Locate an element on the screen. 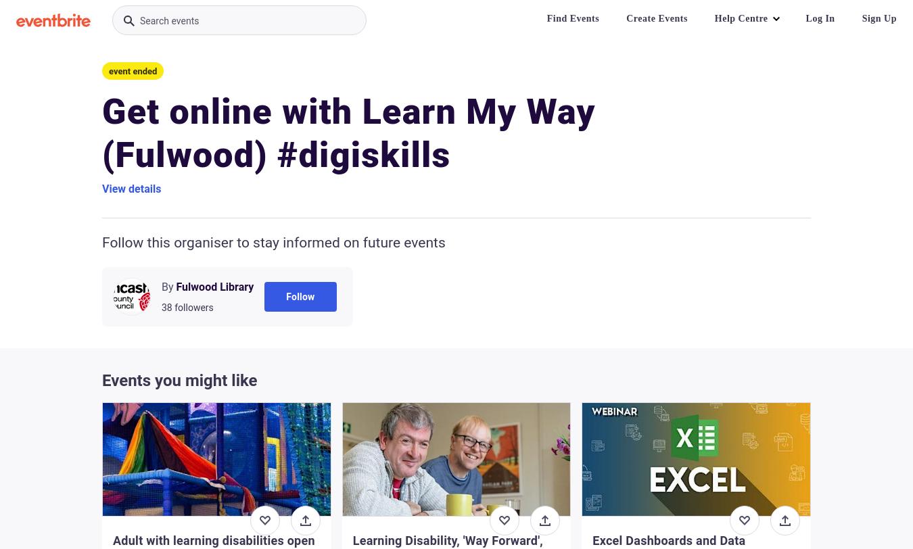  'Sign Up' is located at coordinates (879, 18).